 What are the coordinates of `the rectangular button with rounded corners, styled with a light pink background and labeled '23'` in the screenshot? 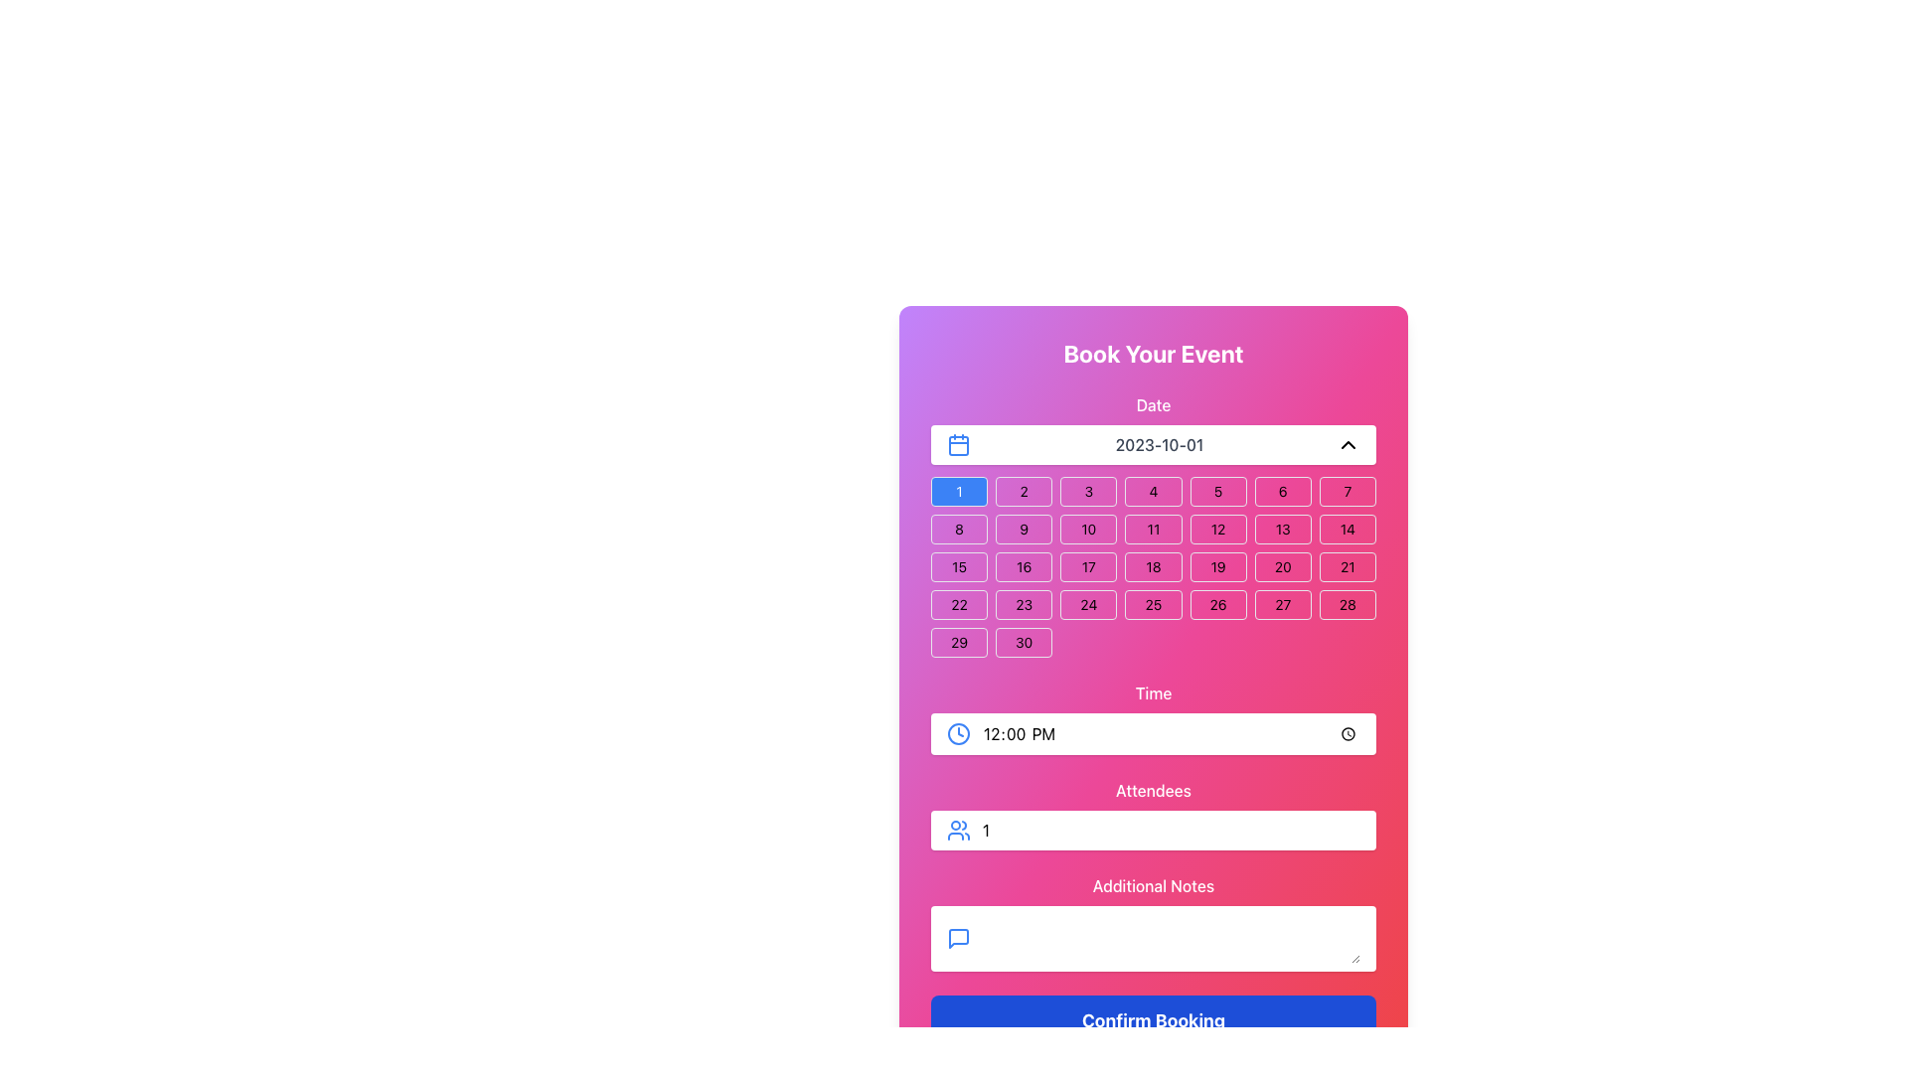 It's located at (1024, 604).